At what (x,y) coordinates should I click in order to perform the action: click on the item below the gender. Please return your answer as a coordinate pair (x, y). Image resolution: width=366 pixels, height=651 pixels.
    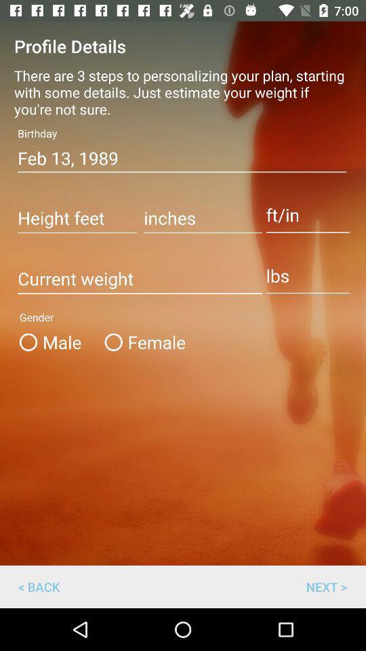
    Looking at the image, I should click on (142, 341).